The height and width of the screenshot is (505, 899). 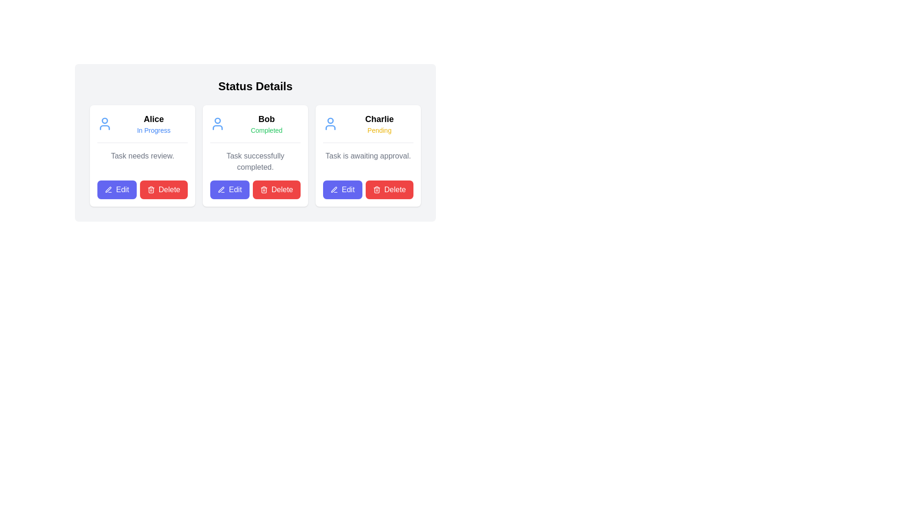 I want to click on the Label or Text Display that shows 'Bob' in bold black font at the top and 'Completed' in smaller green font below, located in the second column of a three-column layout, so click(x=266, y=123).